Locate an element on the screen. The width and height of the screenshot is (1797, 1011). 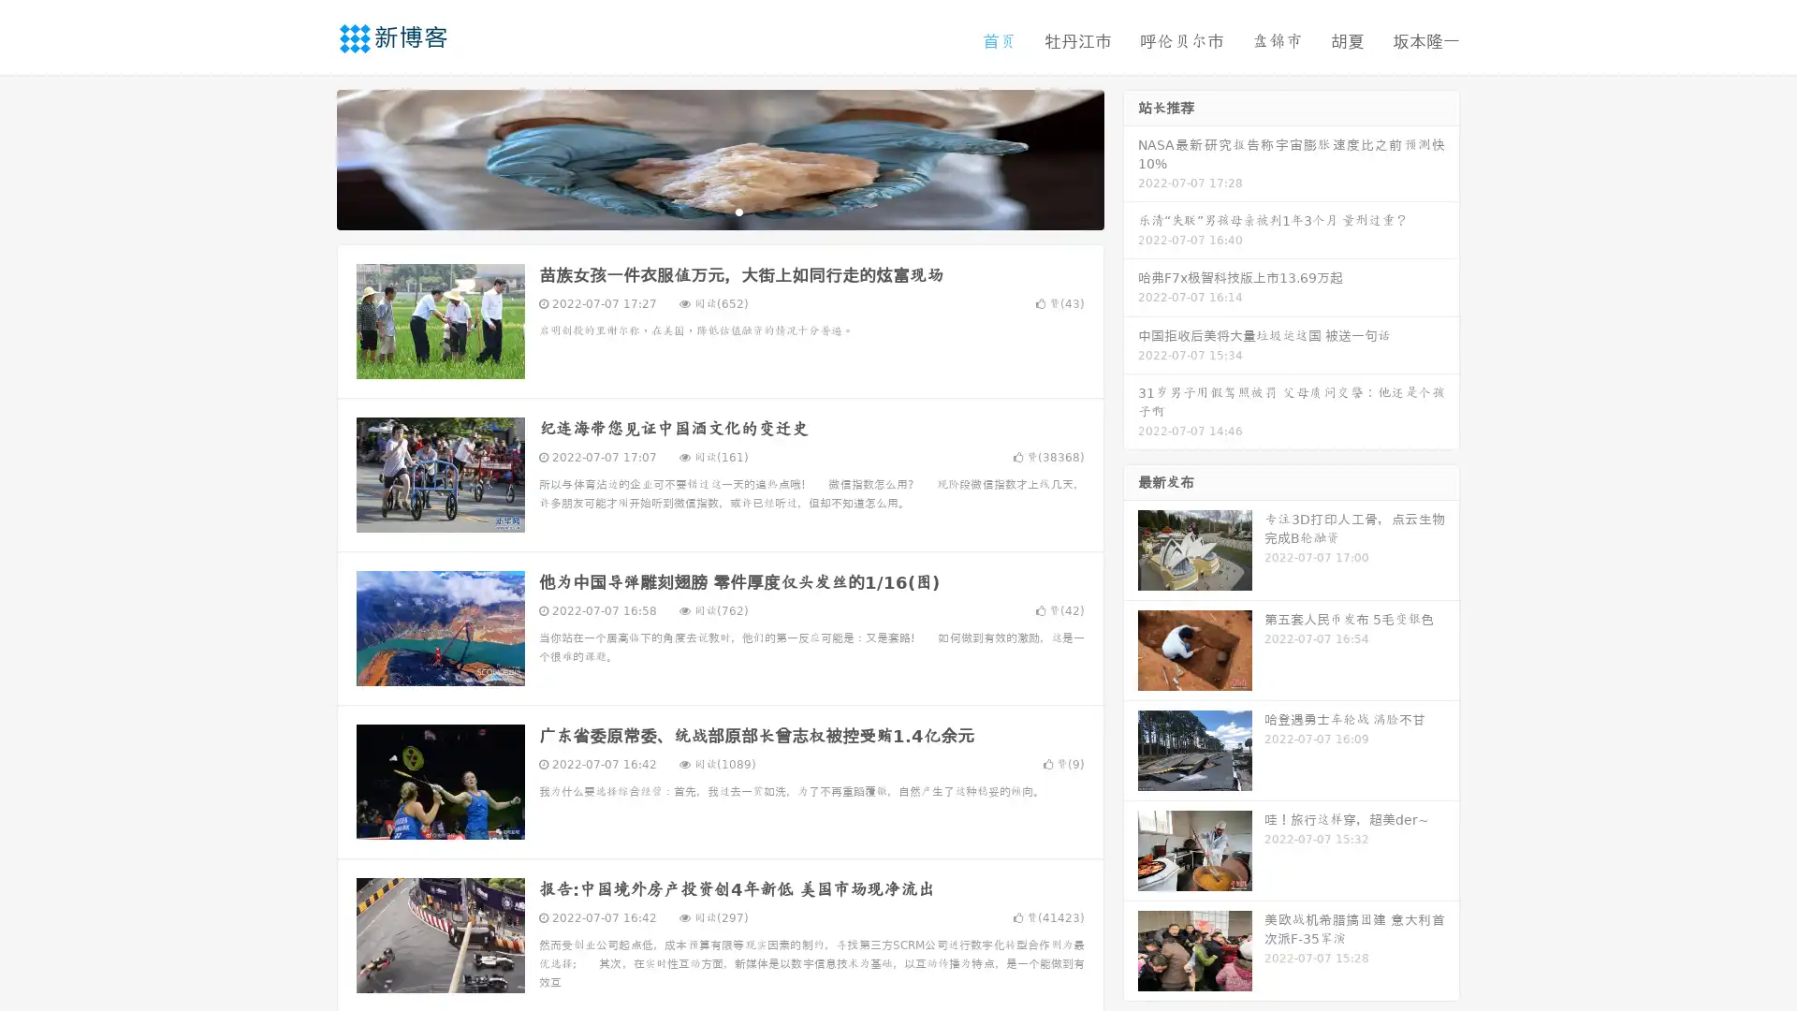
Next slide is located at coordinates (1131, 157).